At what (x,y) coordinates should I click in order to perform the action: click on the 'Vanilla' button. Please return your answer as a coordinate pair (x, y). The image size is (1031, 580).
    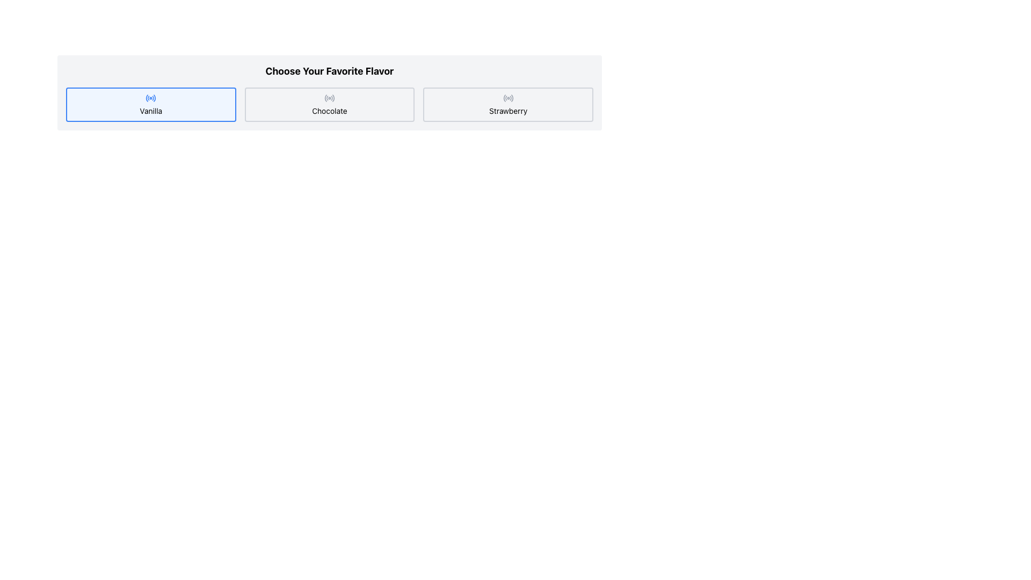
    Looking at the image, I should click on (150, 105).